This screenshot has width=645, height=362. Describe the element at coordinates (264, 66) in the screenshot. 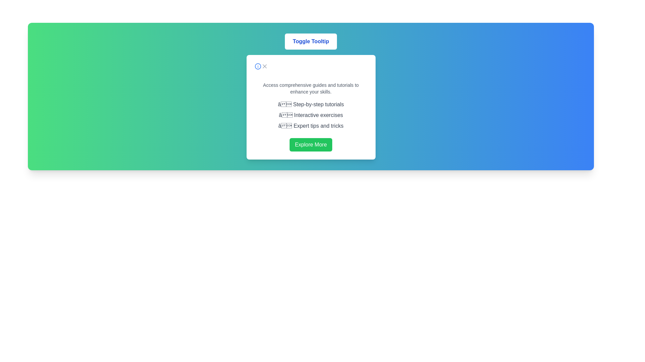

I see `the cross icon in the upper left corner of the modal` at that location.